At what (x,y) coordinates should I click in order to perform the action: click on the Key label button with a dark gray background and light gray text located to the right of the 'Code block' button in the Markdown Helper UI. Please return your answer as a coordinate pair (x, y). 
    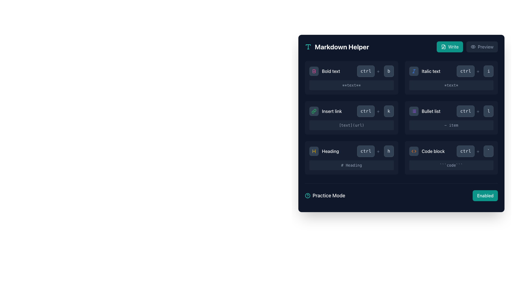
    Looking at the image, I should click on (489, 151).